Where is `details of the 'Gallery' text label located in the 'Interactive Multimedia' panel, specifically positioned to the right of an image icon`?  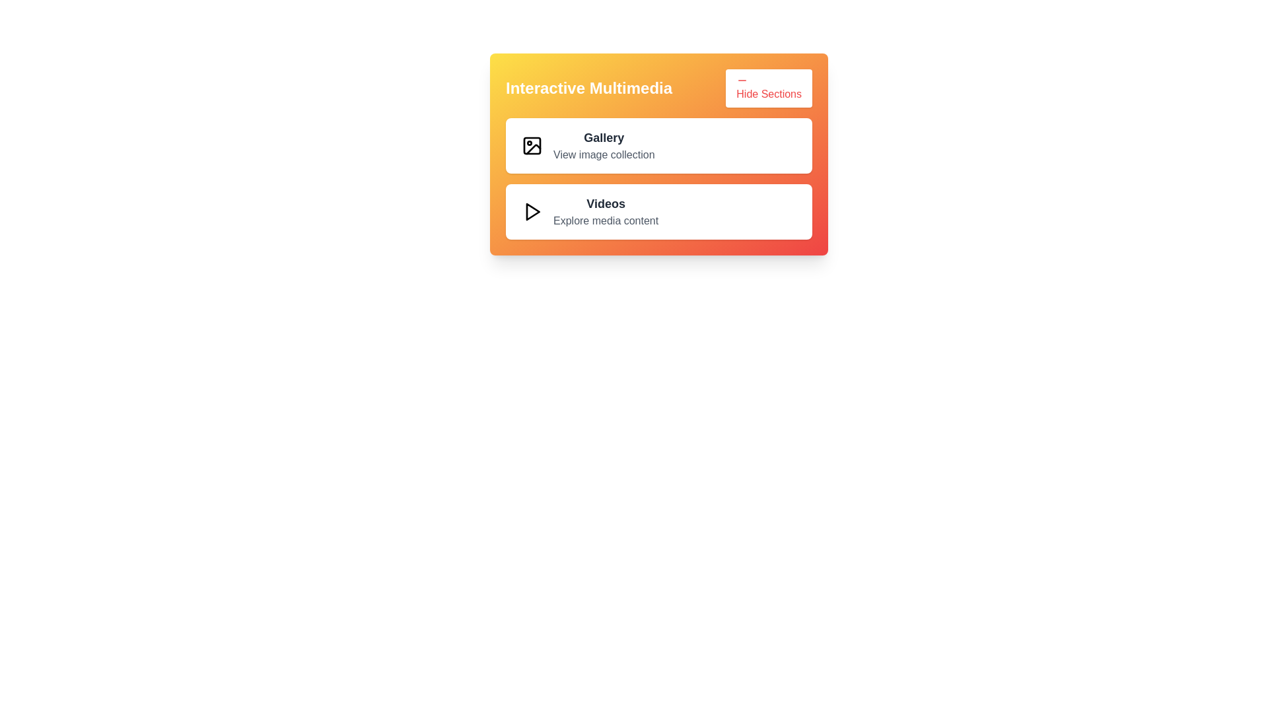
details of the 'Gallery' text label located in the 'Interactive Multimedia' panel, specifically positioned to the right of an image icon is located at coordinates (603, 145).